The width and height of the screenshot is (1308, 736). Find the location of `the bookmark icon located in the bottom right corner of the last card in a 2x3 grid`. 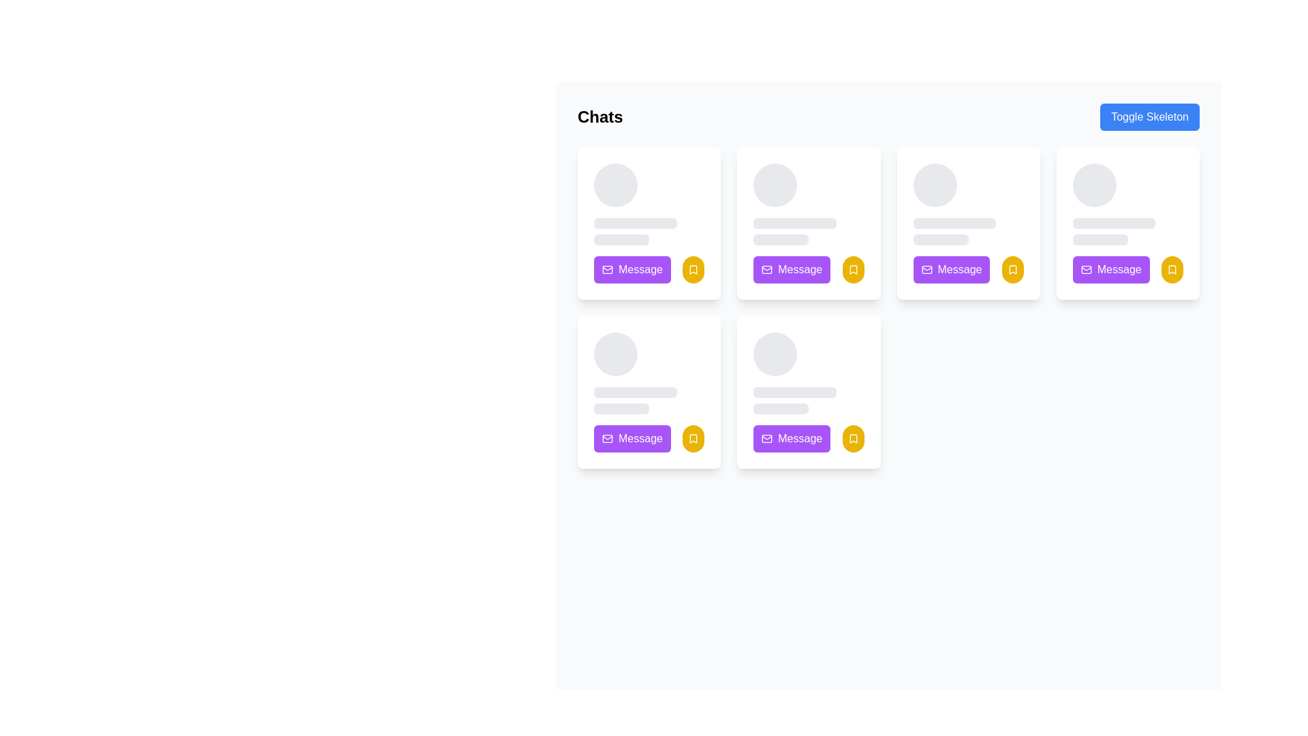

the bookmark icon located in the bottom right corner of the last card in a 2x3 grid is located at coordinates (852, 439).